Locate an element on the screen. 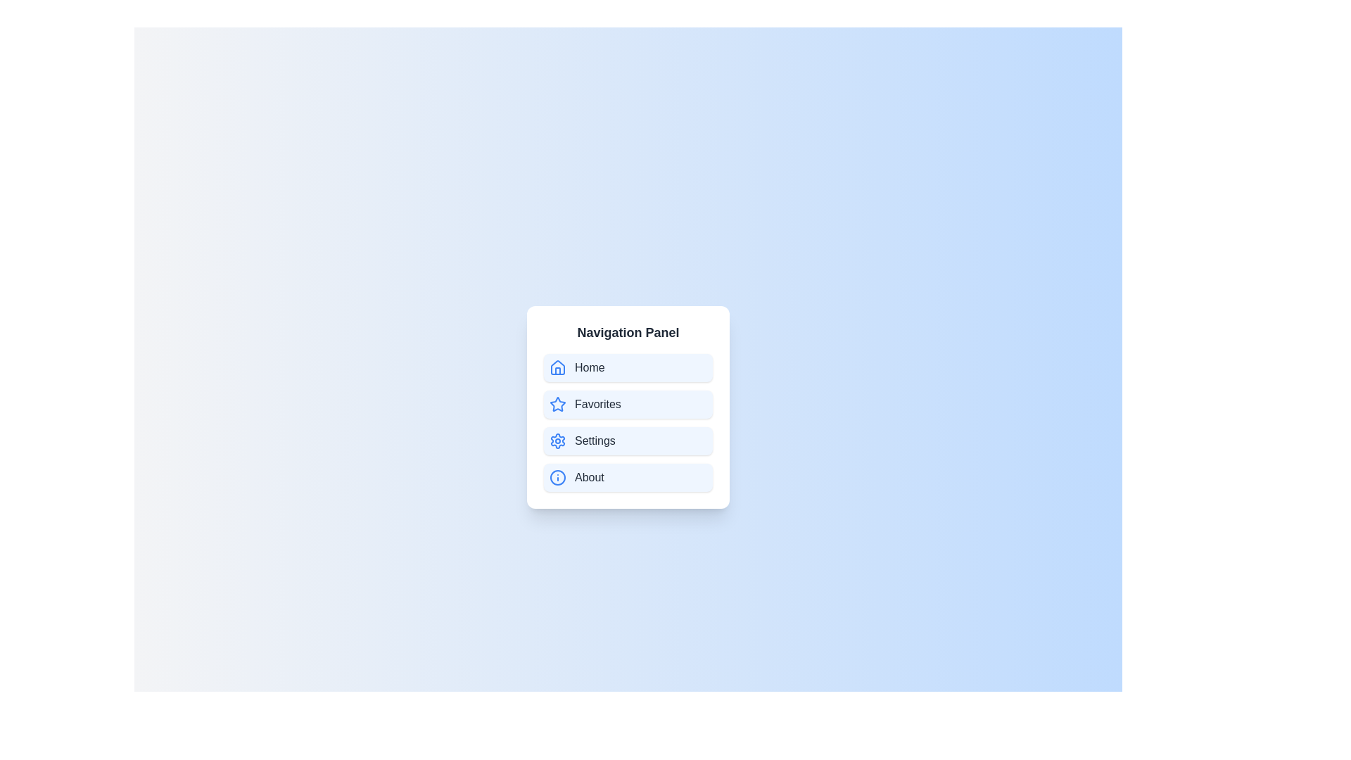 The height and width of the screenshot is (760, 1351). the 'About' button, which is the last item in a vertical list of options in the navigation panel is located at coordinates (627, 476).